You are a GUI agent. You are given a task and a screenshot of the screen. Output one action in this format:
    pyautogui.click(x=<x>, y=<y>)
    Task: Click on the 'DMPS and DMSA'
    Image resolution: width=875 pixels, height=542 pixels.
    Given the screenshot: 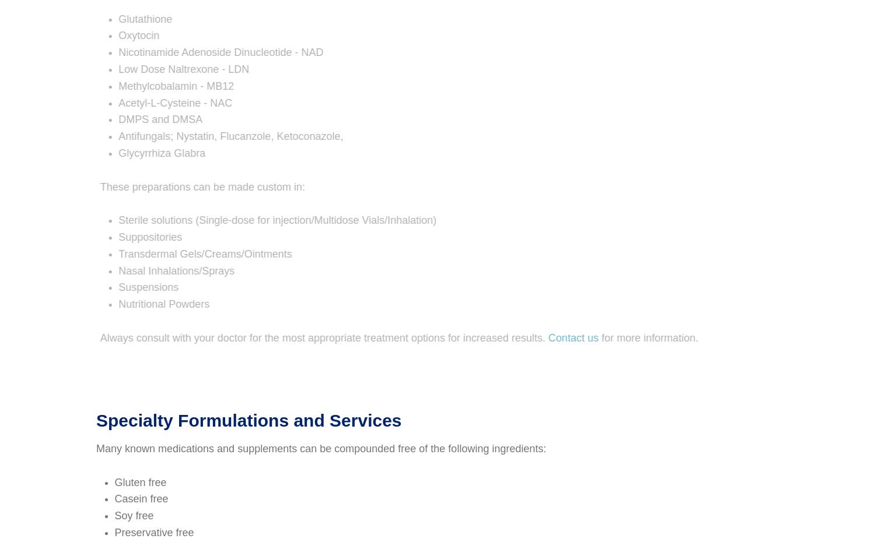 What is the action you would take?
    pyautogui.click(x=148, y=118)
    